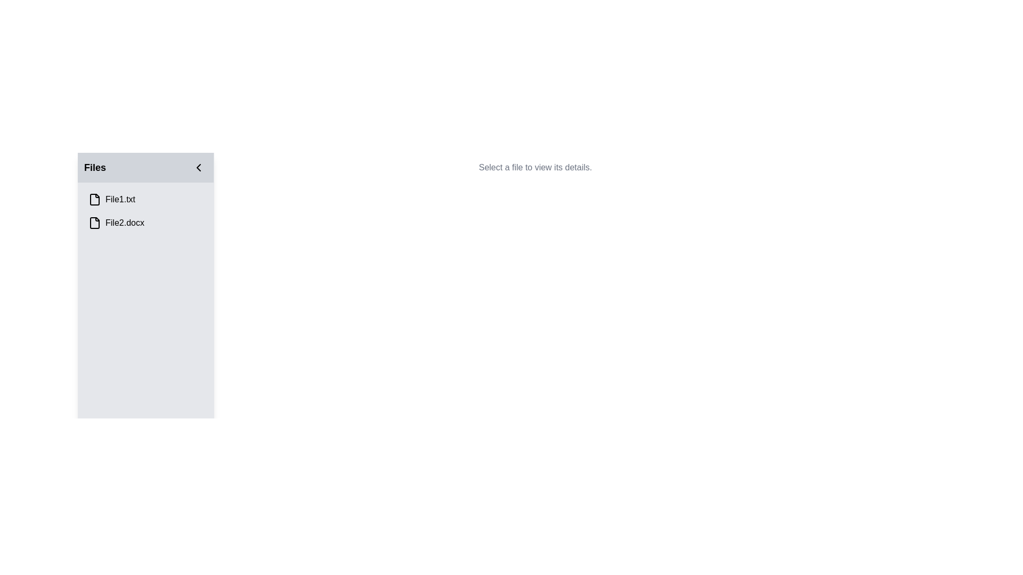 This screenshot has width=1023, height=575. I want to click on the file labeled 'File1.txt' from the list of files, so click(120, 199).